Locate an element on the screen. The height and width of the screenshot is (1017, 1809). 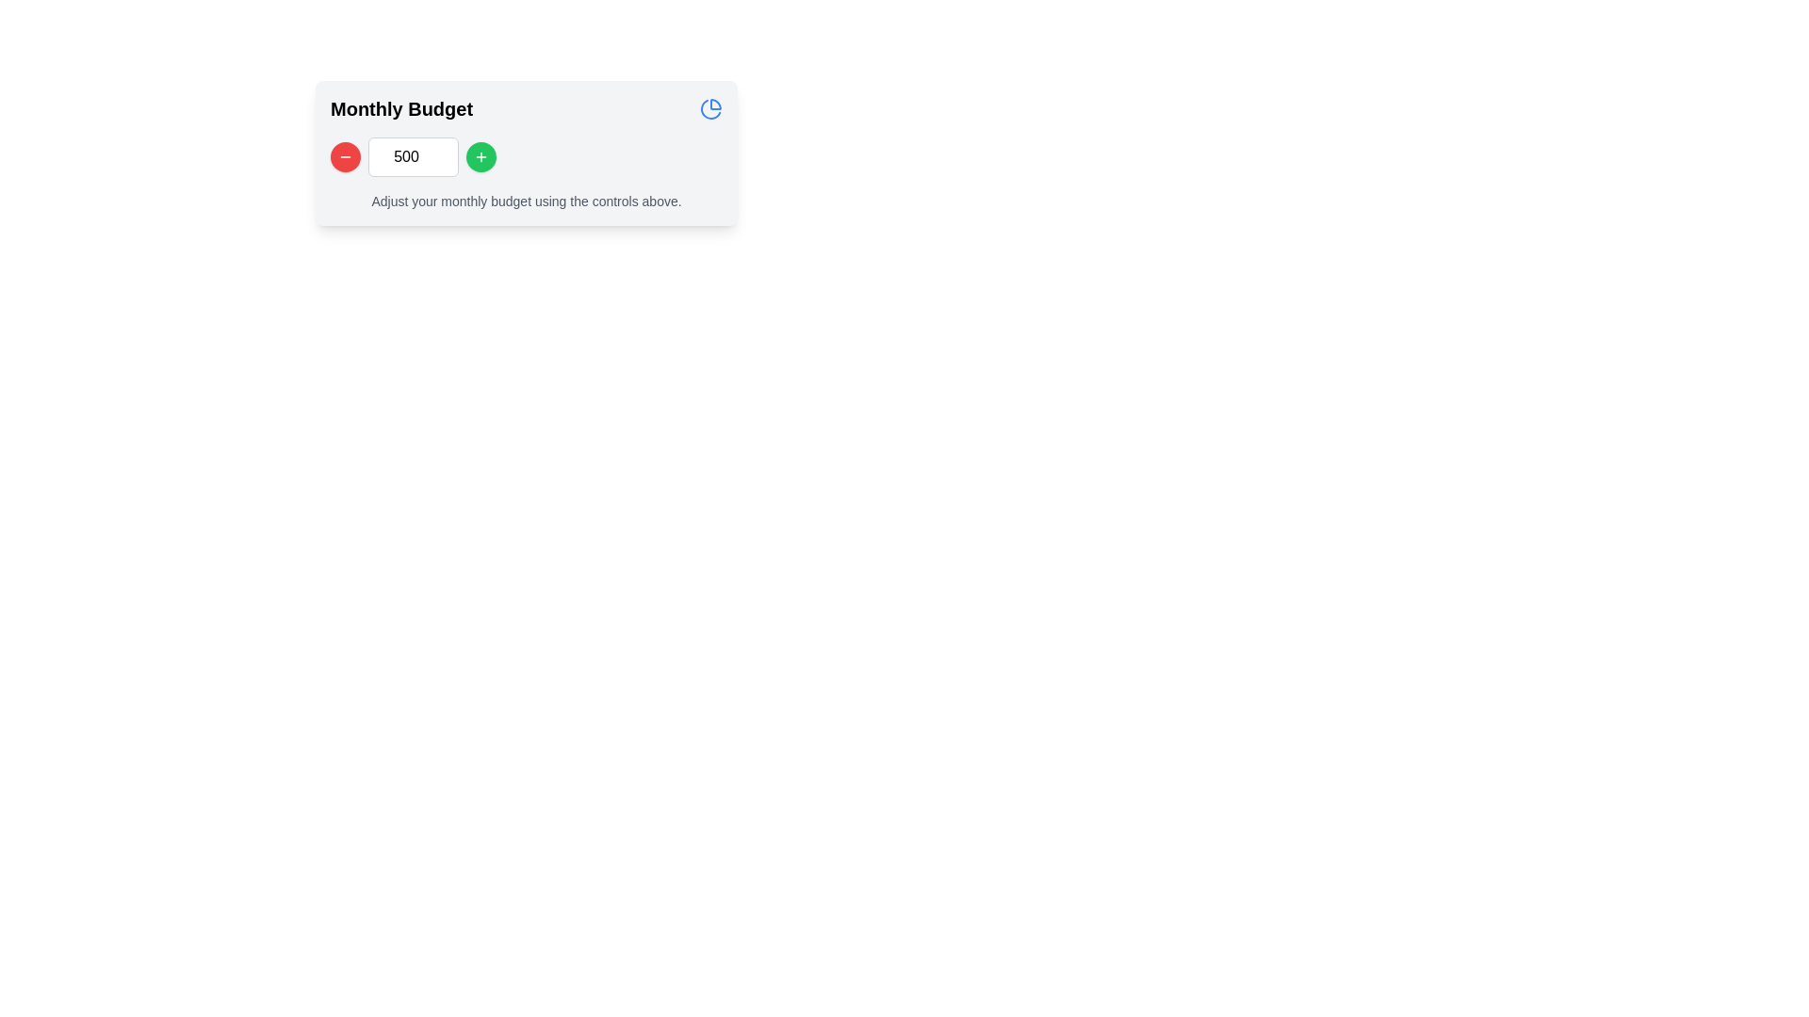
the button located to the far left of the number input field is located at coordinates (345, 155).